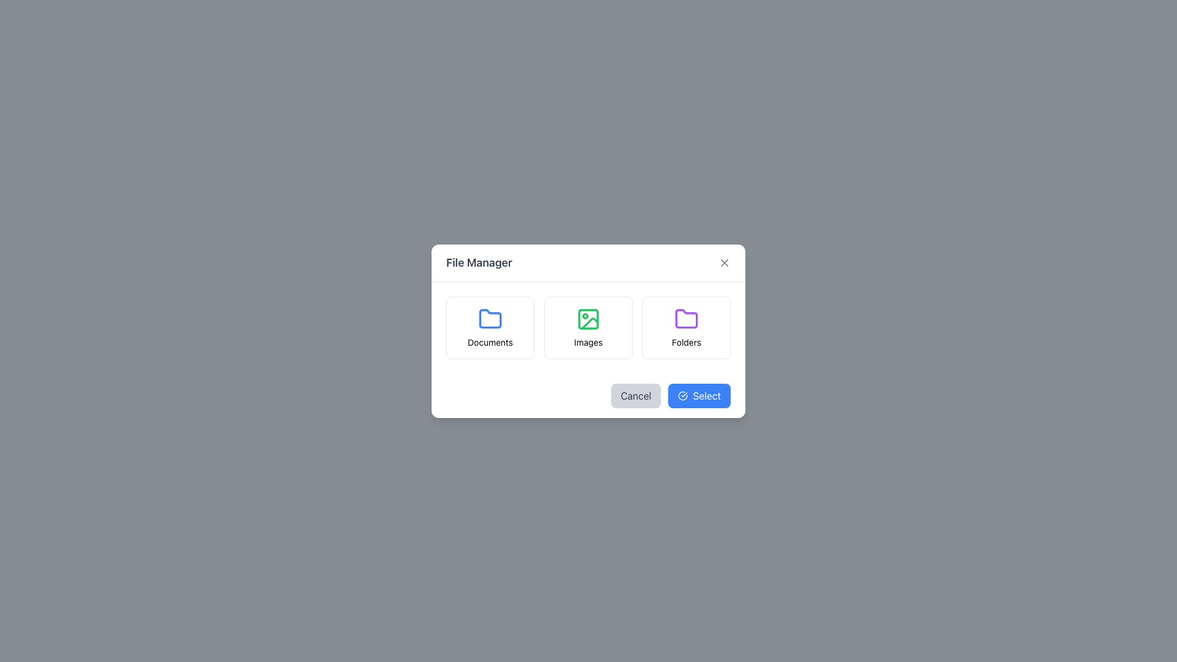 Image resolution: width=1177 pixels, height=662 pixels. What do you see at coordinates (588, 318) in the screenshot?
I see `the Decorative SVG component located at the top-left part of the 'Images' icon in the file manager interface` at bounding box center [588, 318].